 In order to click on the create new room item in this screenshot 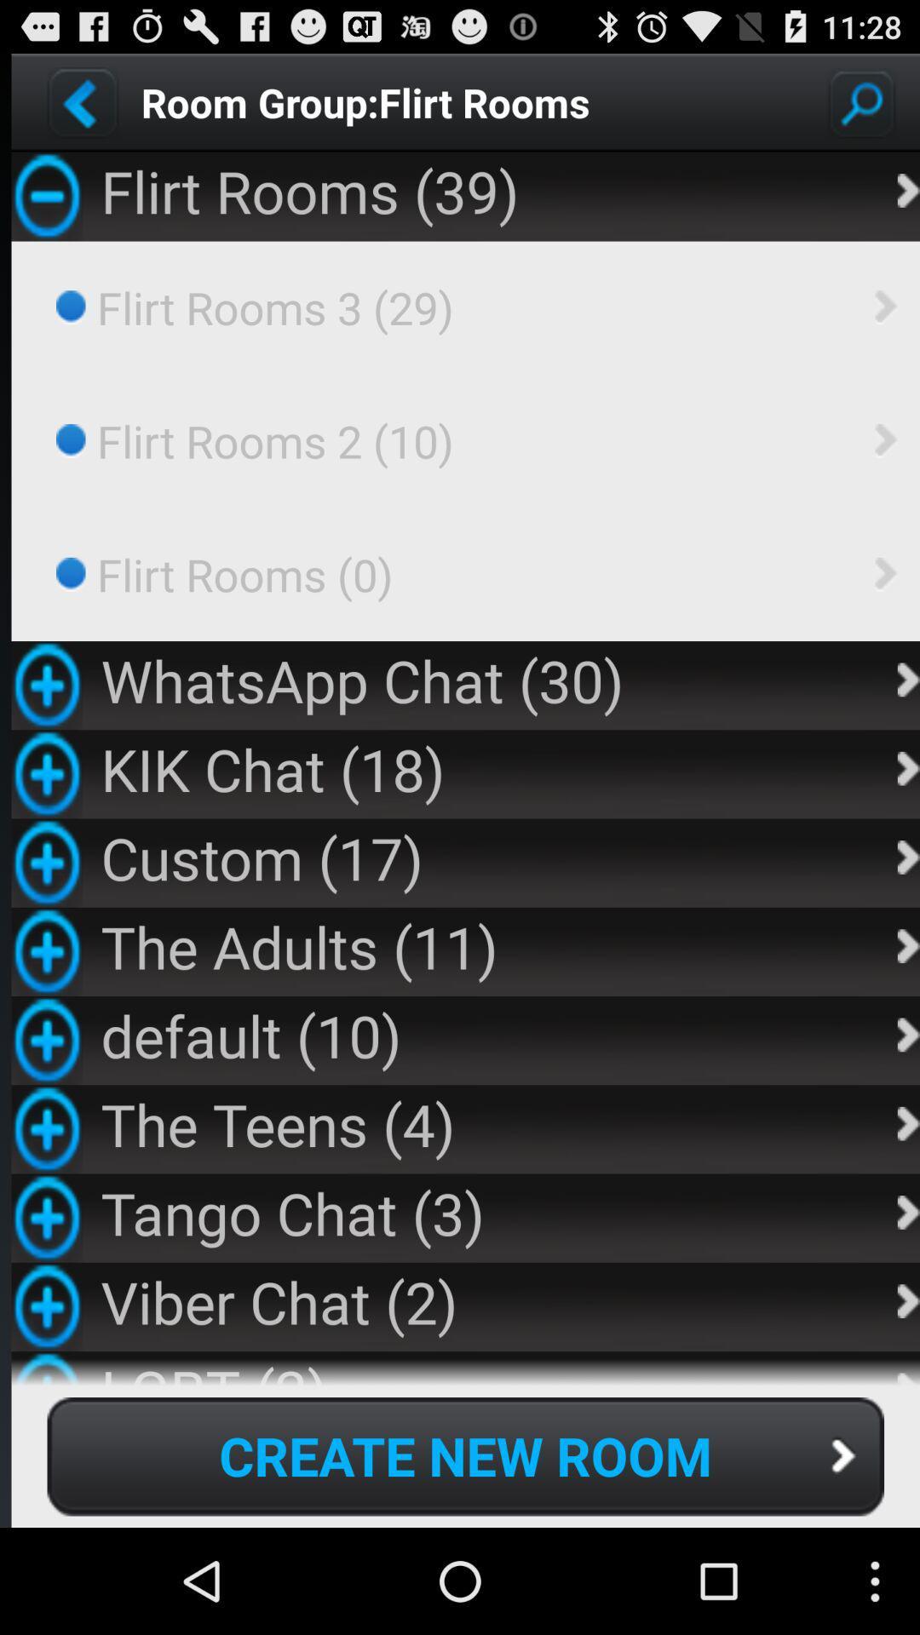, I will do `click(465, 1455)`.